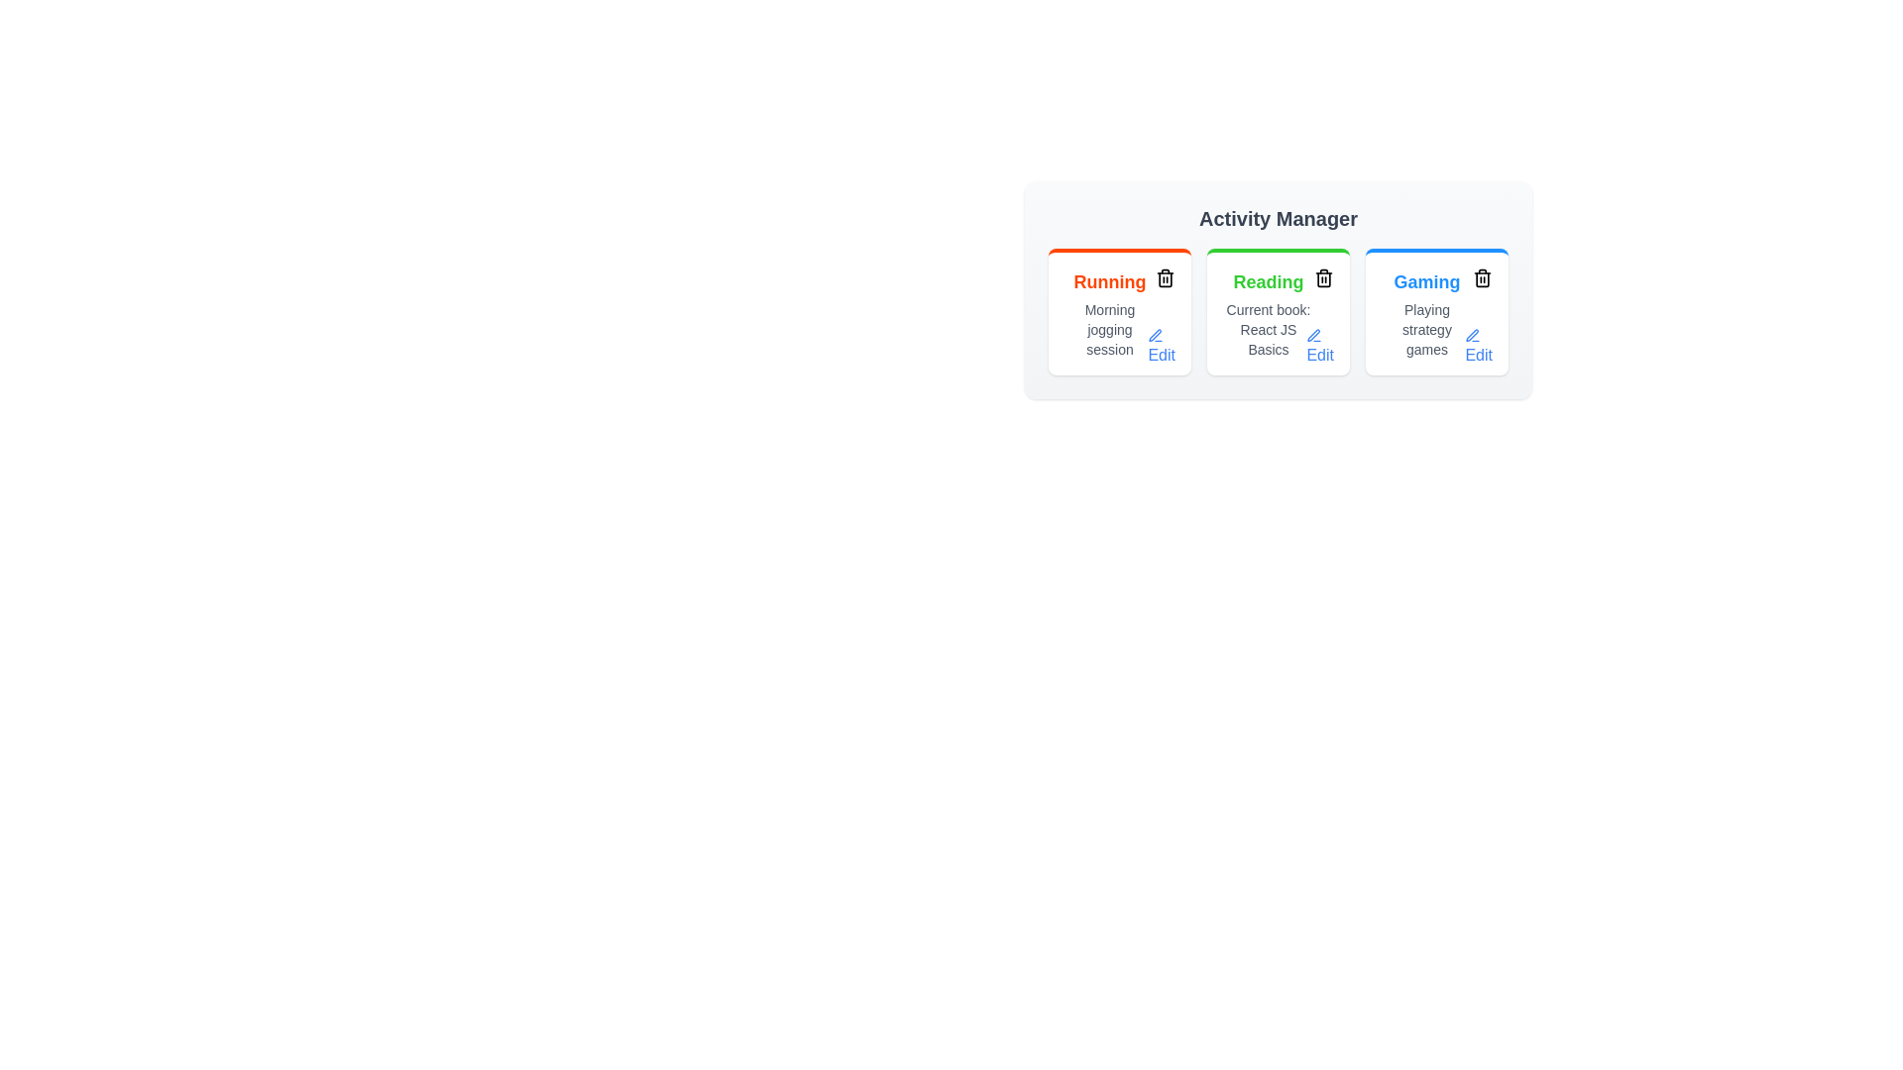 The height and width of the screenshot is (1070, 1903). Describe the element at coordinates (1320, 347) in the screenshot. I see `the 'Edit' button for the activity Reading` at that location.